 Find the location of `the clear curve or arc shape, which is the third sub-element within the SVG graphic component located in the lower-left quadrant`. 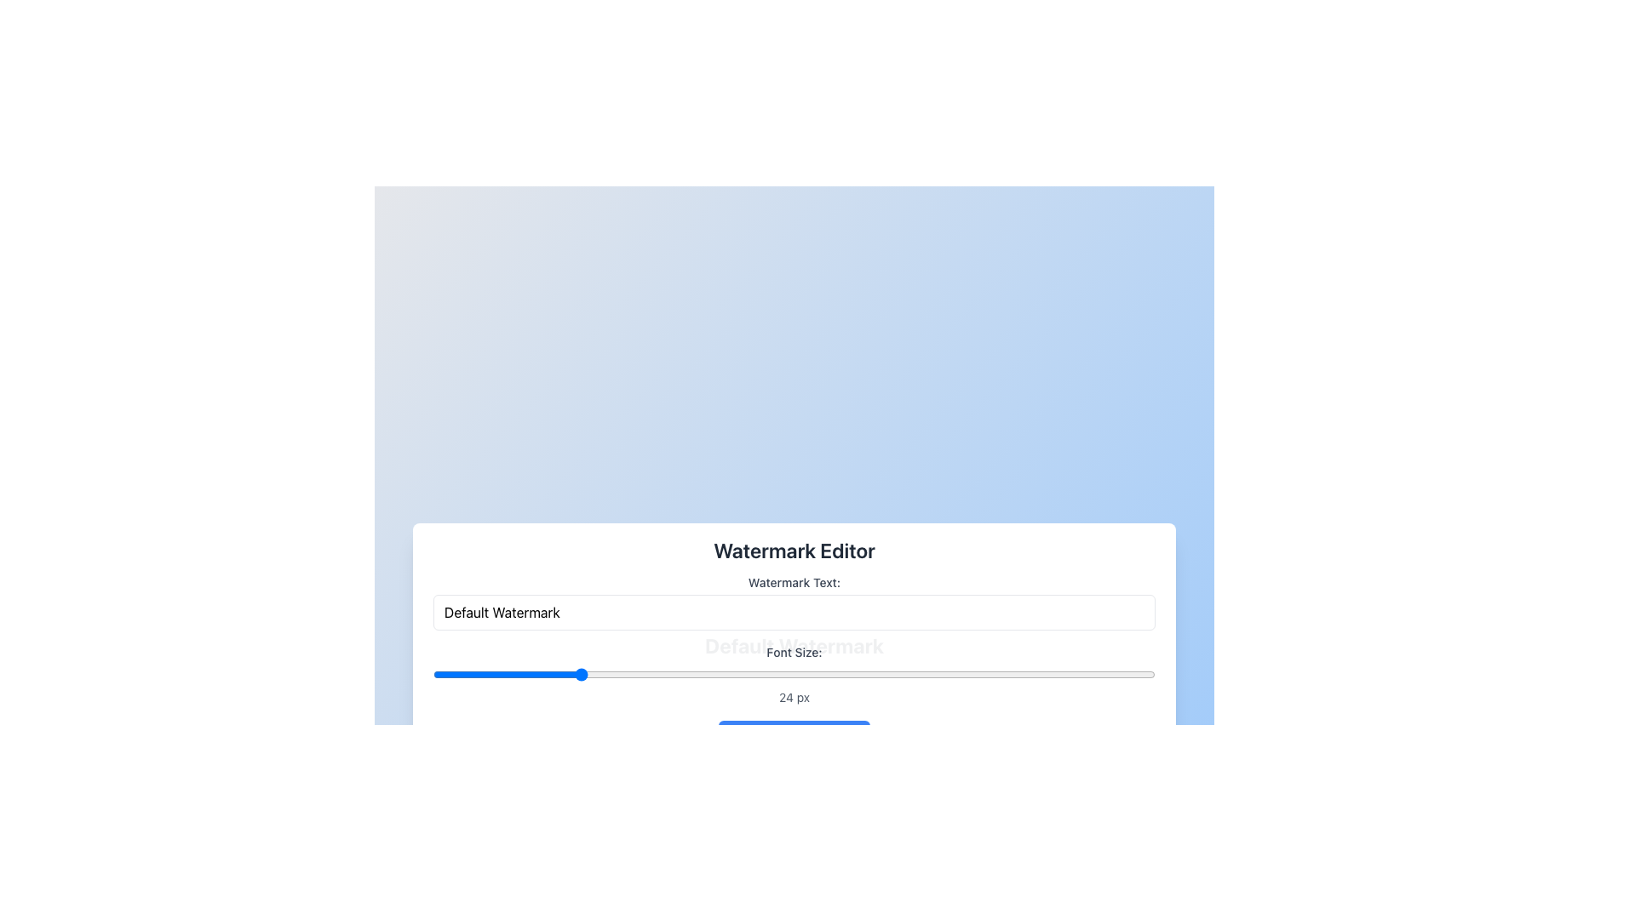

the clear curve or arc shape, which is the third sub-element within the SVG graphic component located in the lower-left quadrant is located at coordinates (739, 737).